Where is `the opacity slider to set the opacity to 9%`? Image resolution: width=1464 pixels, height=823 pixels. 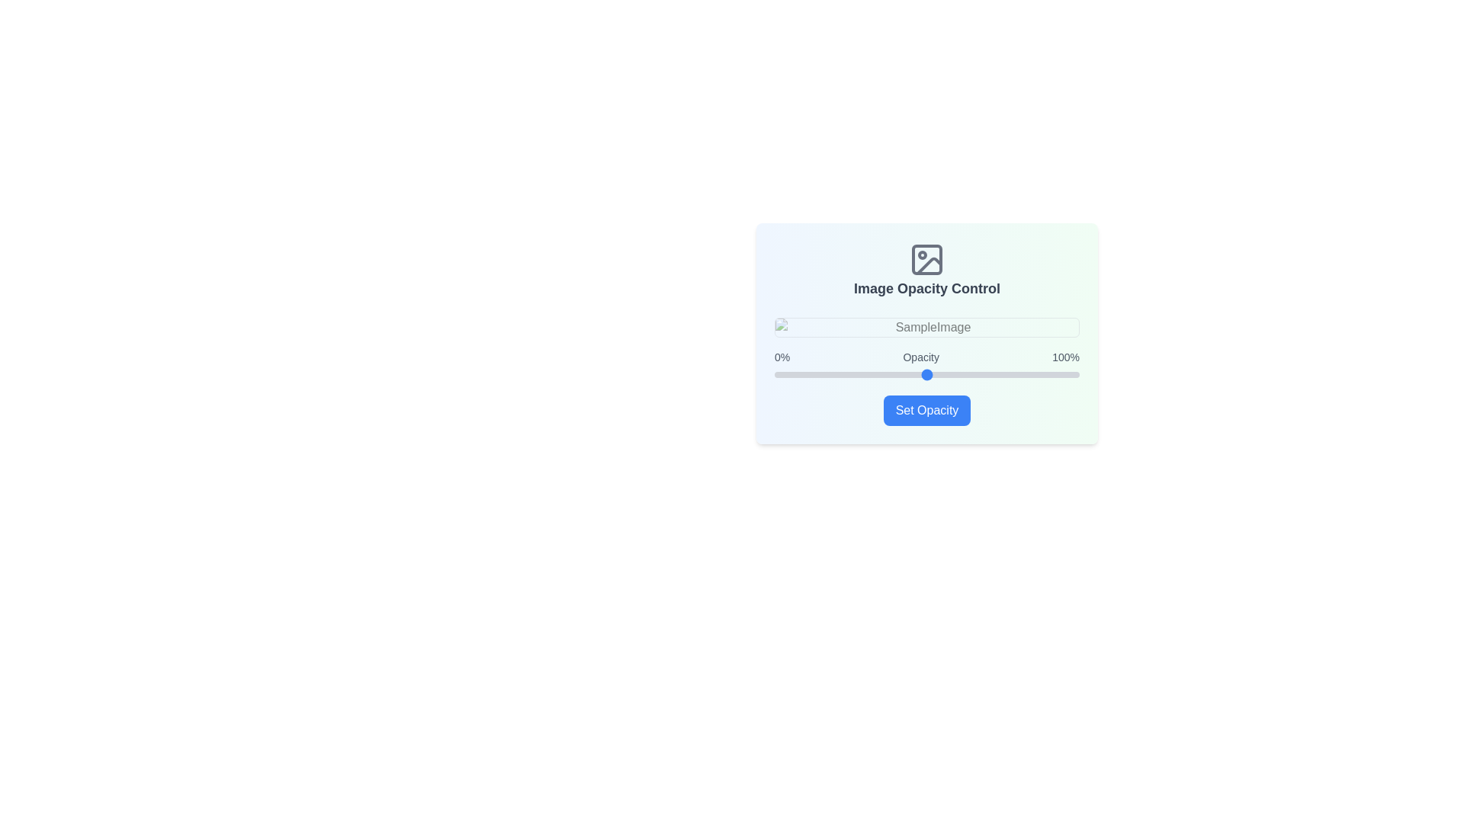 the opacity slider to set the opacity to 9% is located at coordinates (801, 375).